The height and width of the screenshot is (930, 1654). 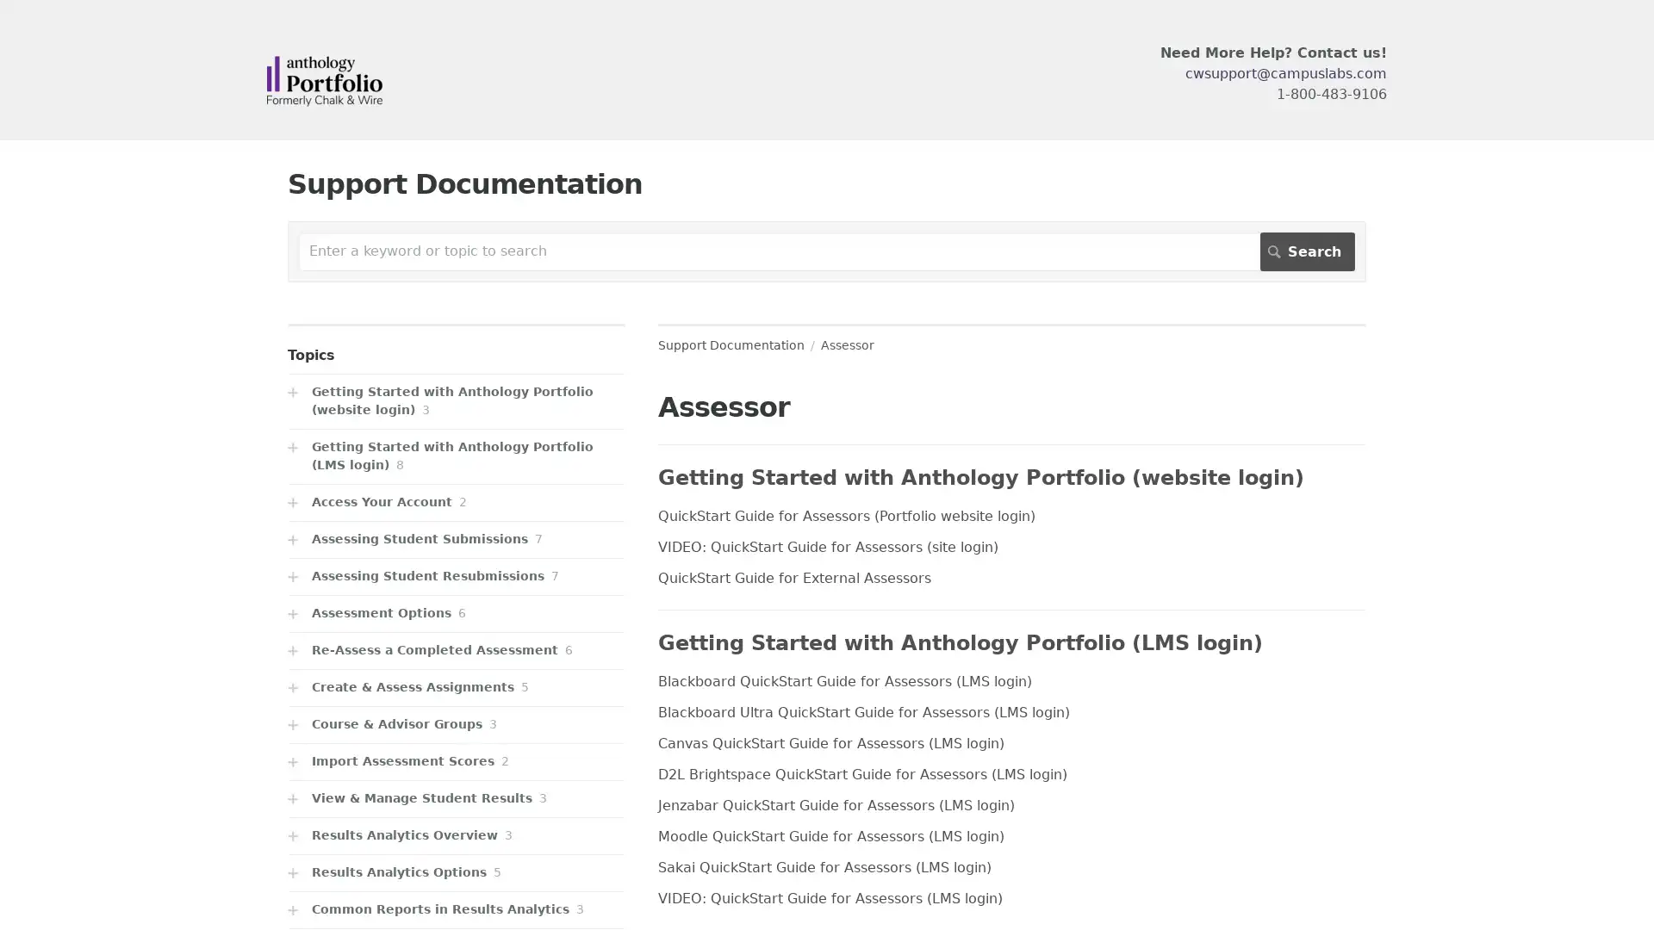 What do you see at coordinates (1307, 251) in the screenshot?
I see `Search` at bounding box center [1307, 251].